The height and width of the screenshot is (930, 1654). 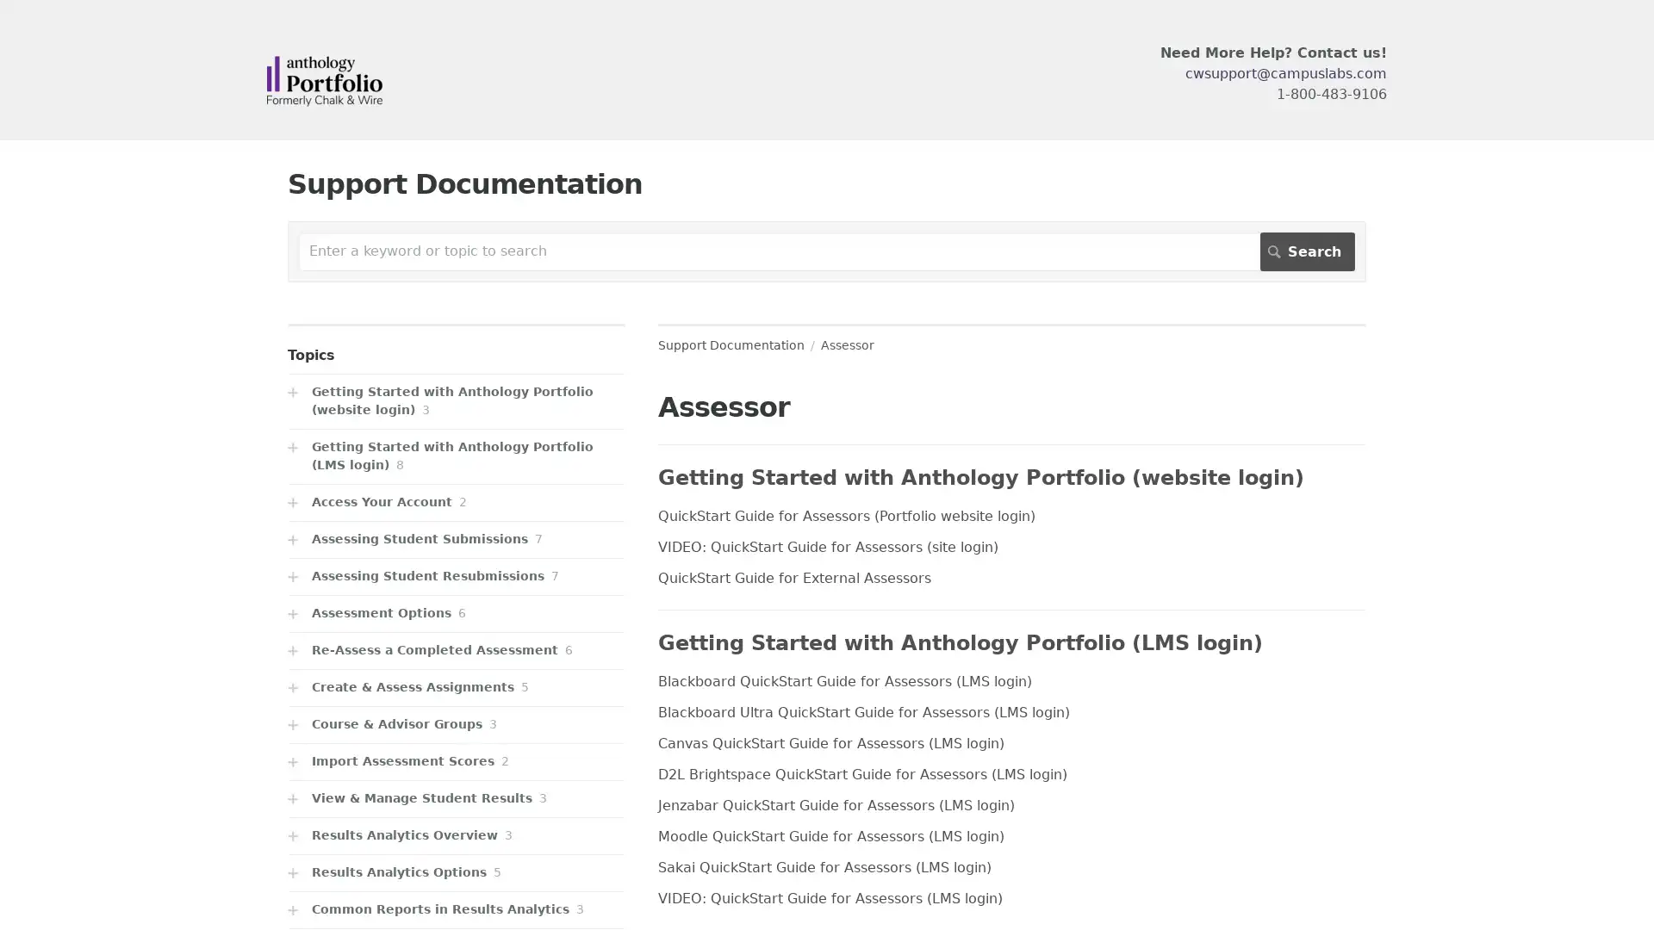 What do you see at coordinates (1307, 251) in the screenshot?
I see `Search` at bounding box center [1307, 251].